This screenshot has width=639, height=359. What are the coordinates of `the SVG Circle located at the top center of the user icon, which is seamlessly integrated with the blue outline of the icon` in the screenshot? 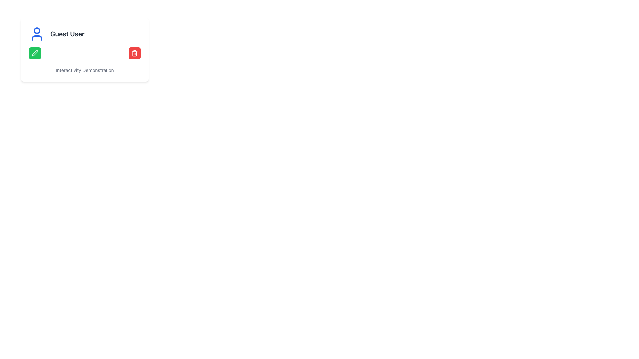 It's located at (36, 31).